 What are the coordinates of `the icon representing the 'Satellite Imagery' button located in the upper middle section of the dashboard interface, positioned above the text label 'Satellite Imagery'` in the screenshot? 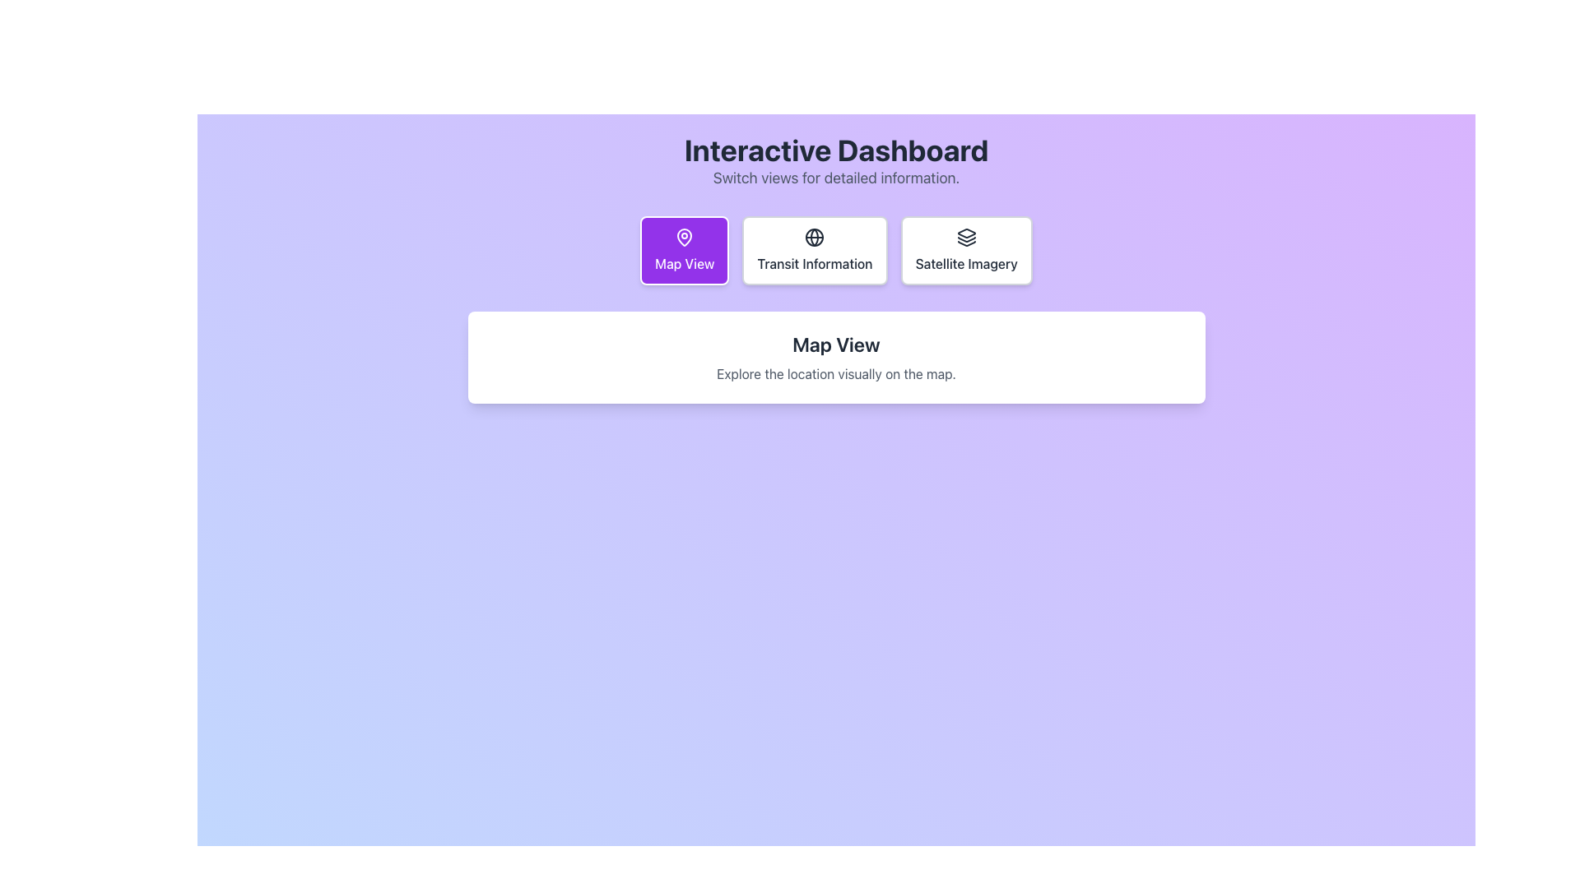 It's located at (966, 238).